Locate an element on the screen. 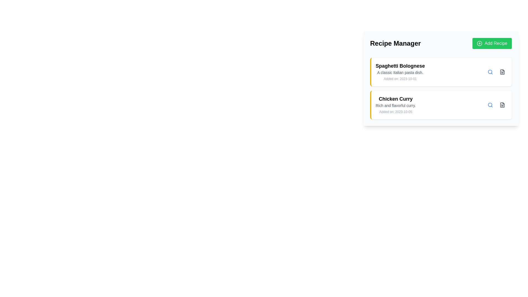 This screenshot has width=528, height=297. the first Information Card in the vertical list of recipe cards under the 'Recipe Manager' title is located at coordinates (441, 78).